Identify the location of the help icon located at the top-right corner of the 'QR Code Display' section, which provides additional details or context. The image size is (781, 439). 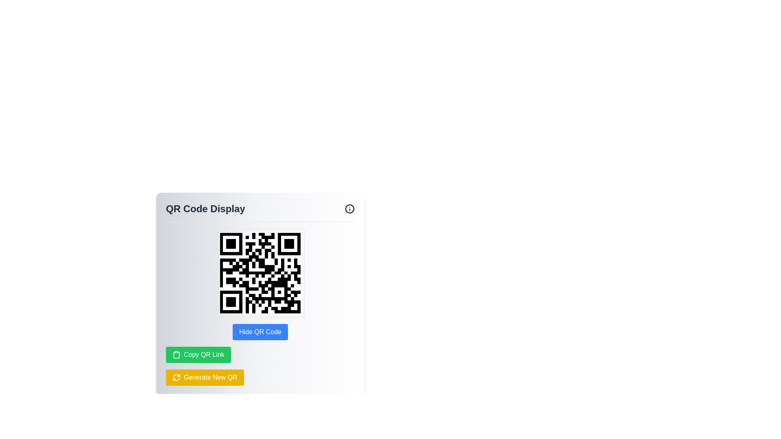
(349, 208).